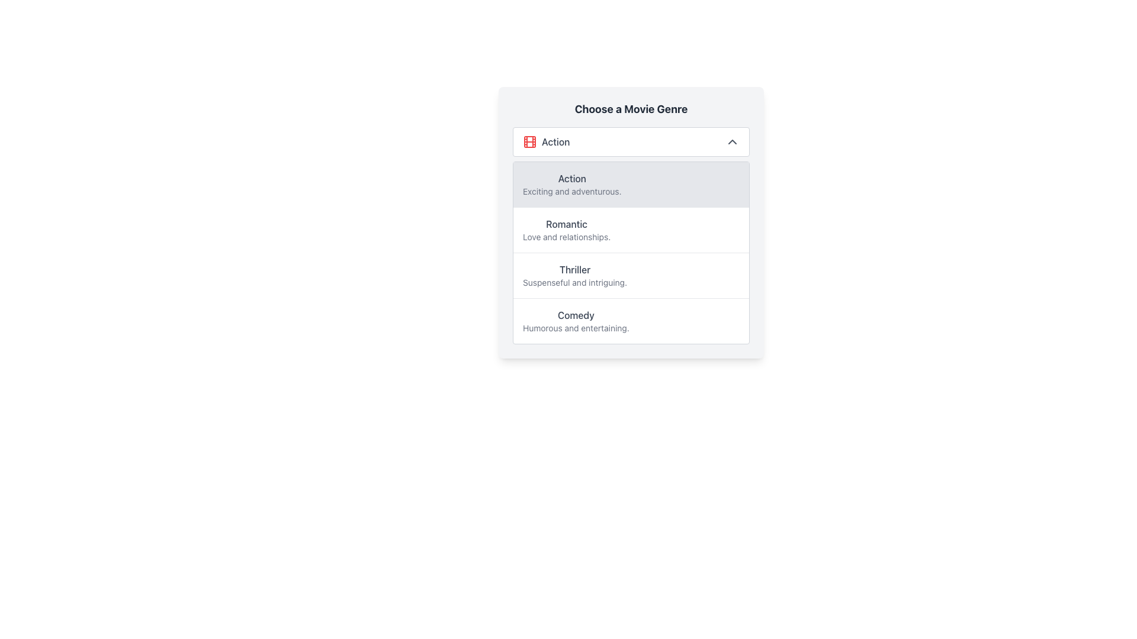 This screenshot has height=639, width=1137. What do you see at coordinates (566, 230) in the screenshot?
I see `the text label displaying 'Romantic' under the heading 'Choose a Movie Genre'` at bounding box center [566, 230].